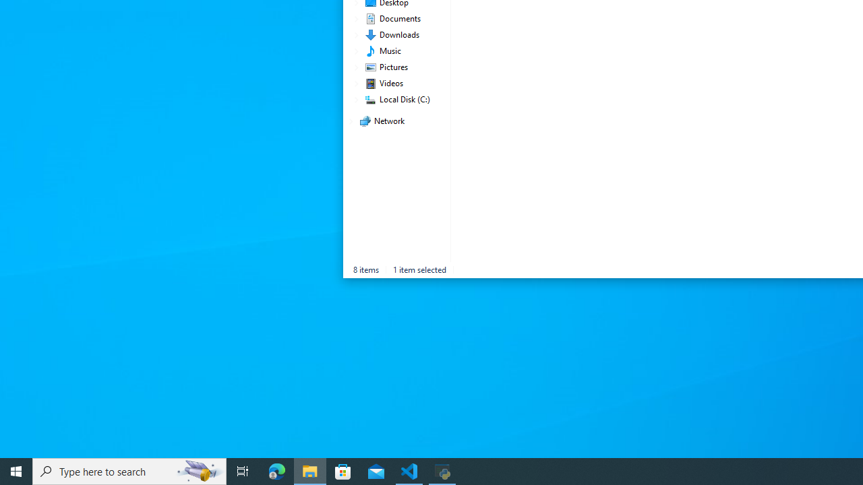  Describe the element at coordinates (309, 470) in the screenshot. I see `'File Explorer - 1 running window'` at that location.